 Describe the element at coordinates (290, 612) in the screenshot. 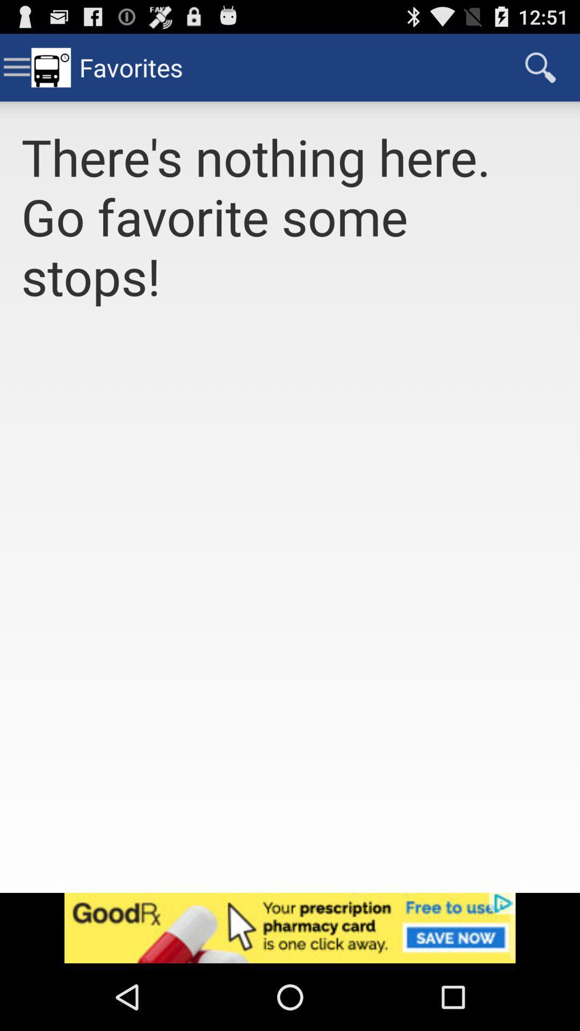

I see `screen page` at that location.